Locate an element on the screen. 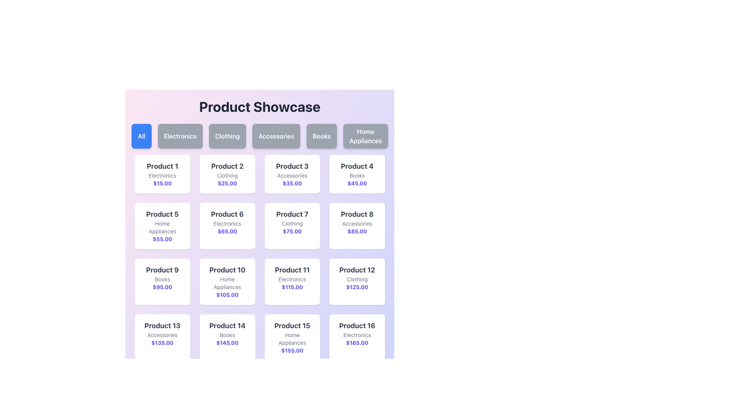 Image resolution: width=743 pixels, height=418 pixels. the 'All' button, a rectangular button with rounded corners and a bold blue background is located at coordinates (141, 135).